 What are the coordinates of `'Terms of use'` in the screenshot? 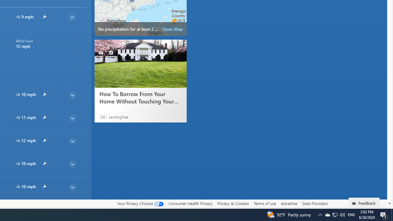 It's located at (265, 204).